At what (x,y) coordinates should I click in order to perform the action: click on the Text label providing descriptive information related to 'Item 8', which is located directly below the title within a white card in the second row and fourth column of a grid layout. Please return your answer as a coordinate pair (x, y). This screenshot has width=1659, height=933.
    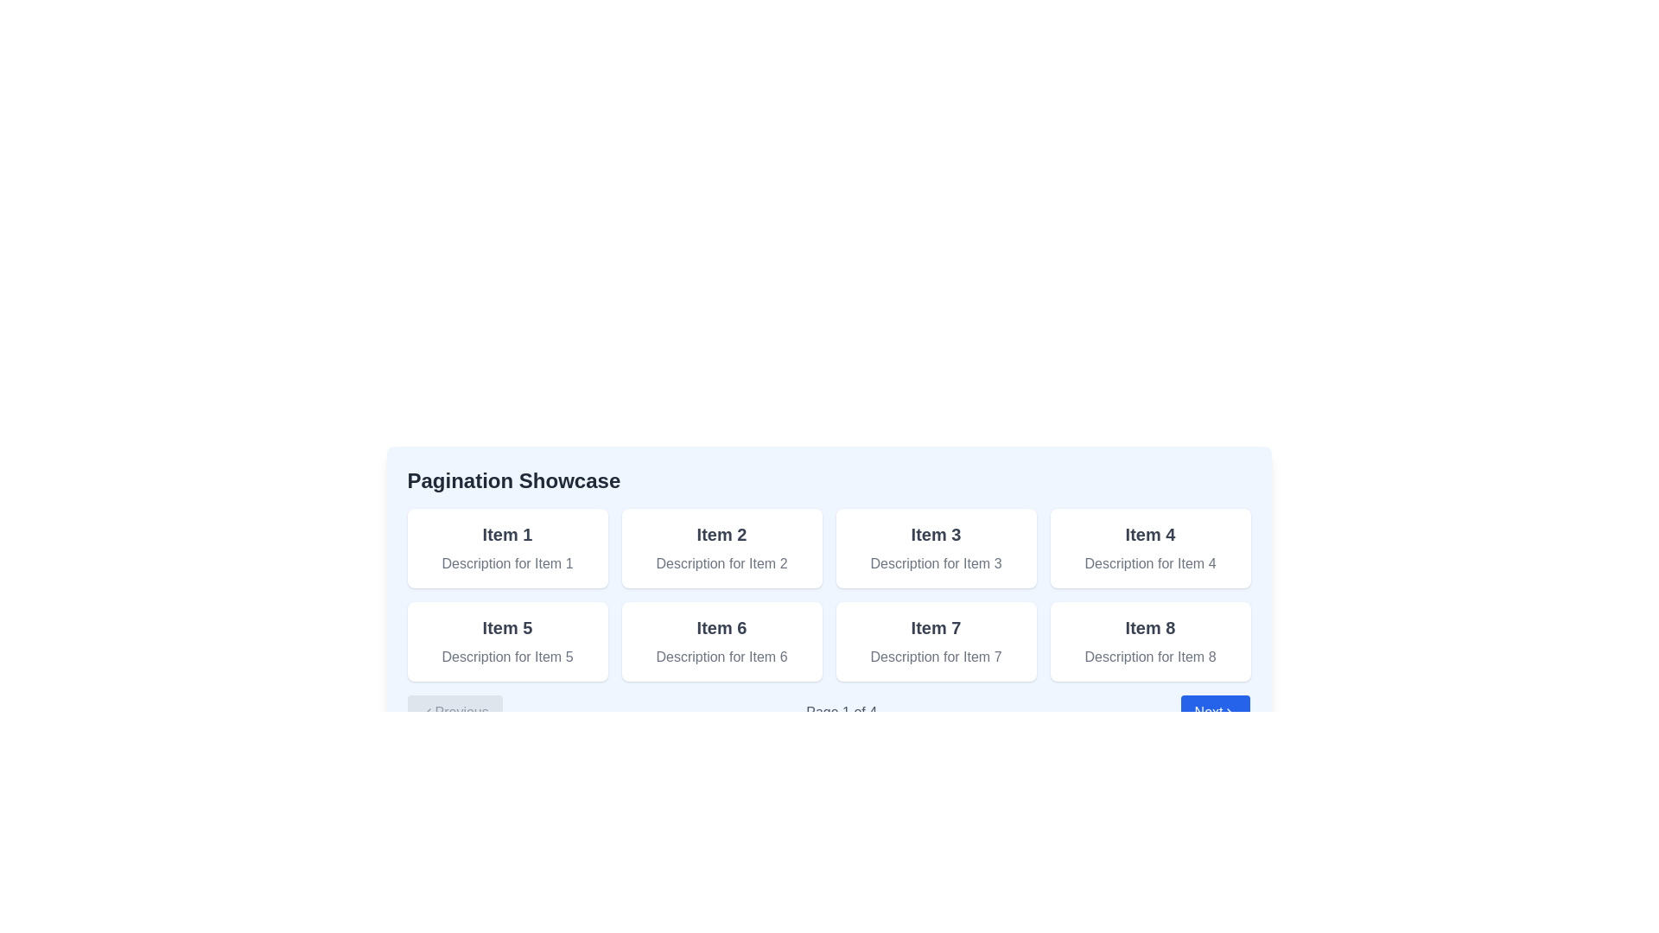
    Looking at the image, I should click on (1150, 657).